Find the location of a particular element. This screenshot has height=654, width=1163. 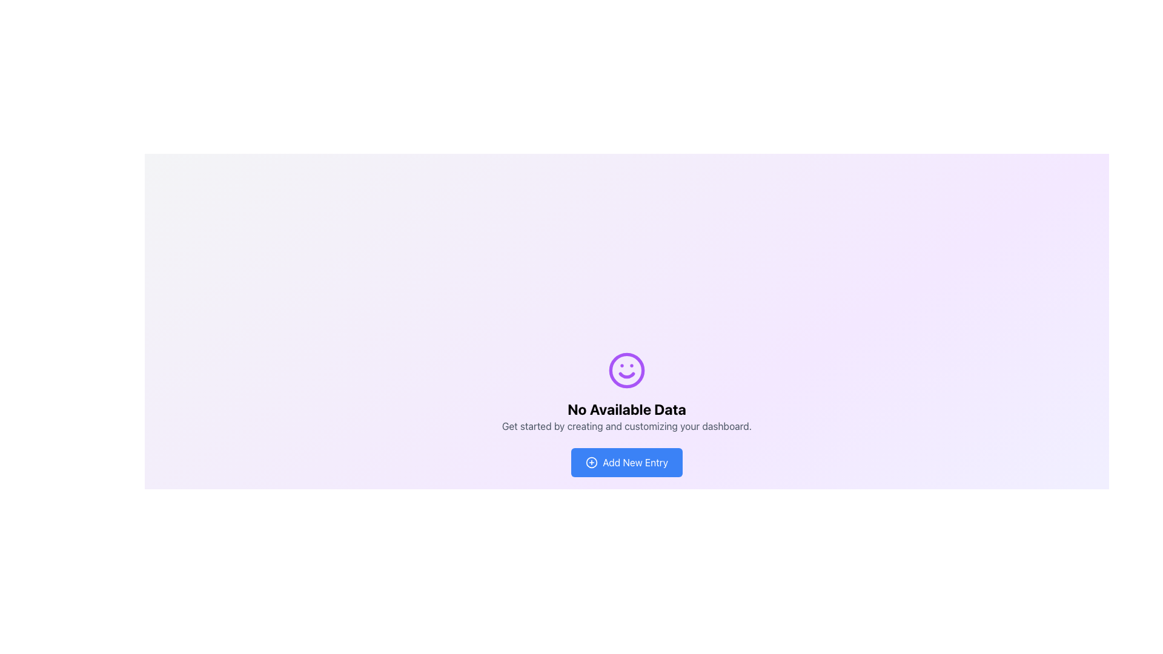

the decorative icon of the 'Add New Entry' button, which enhances visual clarity for adding new entries is located at coordinates (592, 462).